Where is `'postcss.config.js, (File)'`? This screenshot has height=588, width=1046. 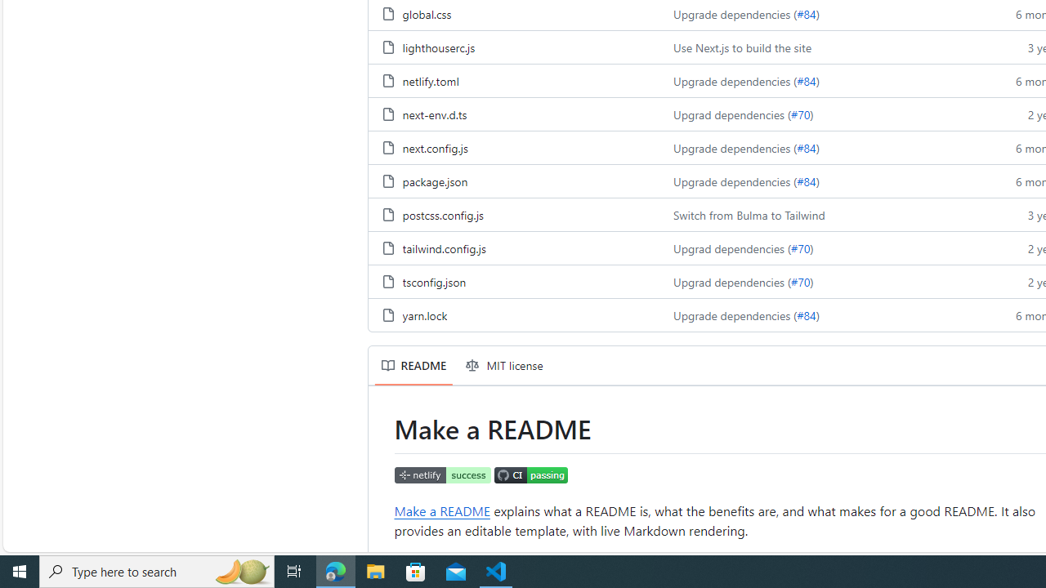
'postcss.config.js, (File)' is located at coordinates (442, 213).